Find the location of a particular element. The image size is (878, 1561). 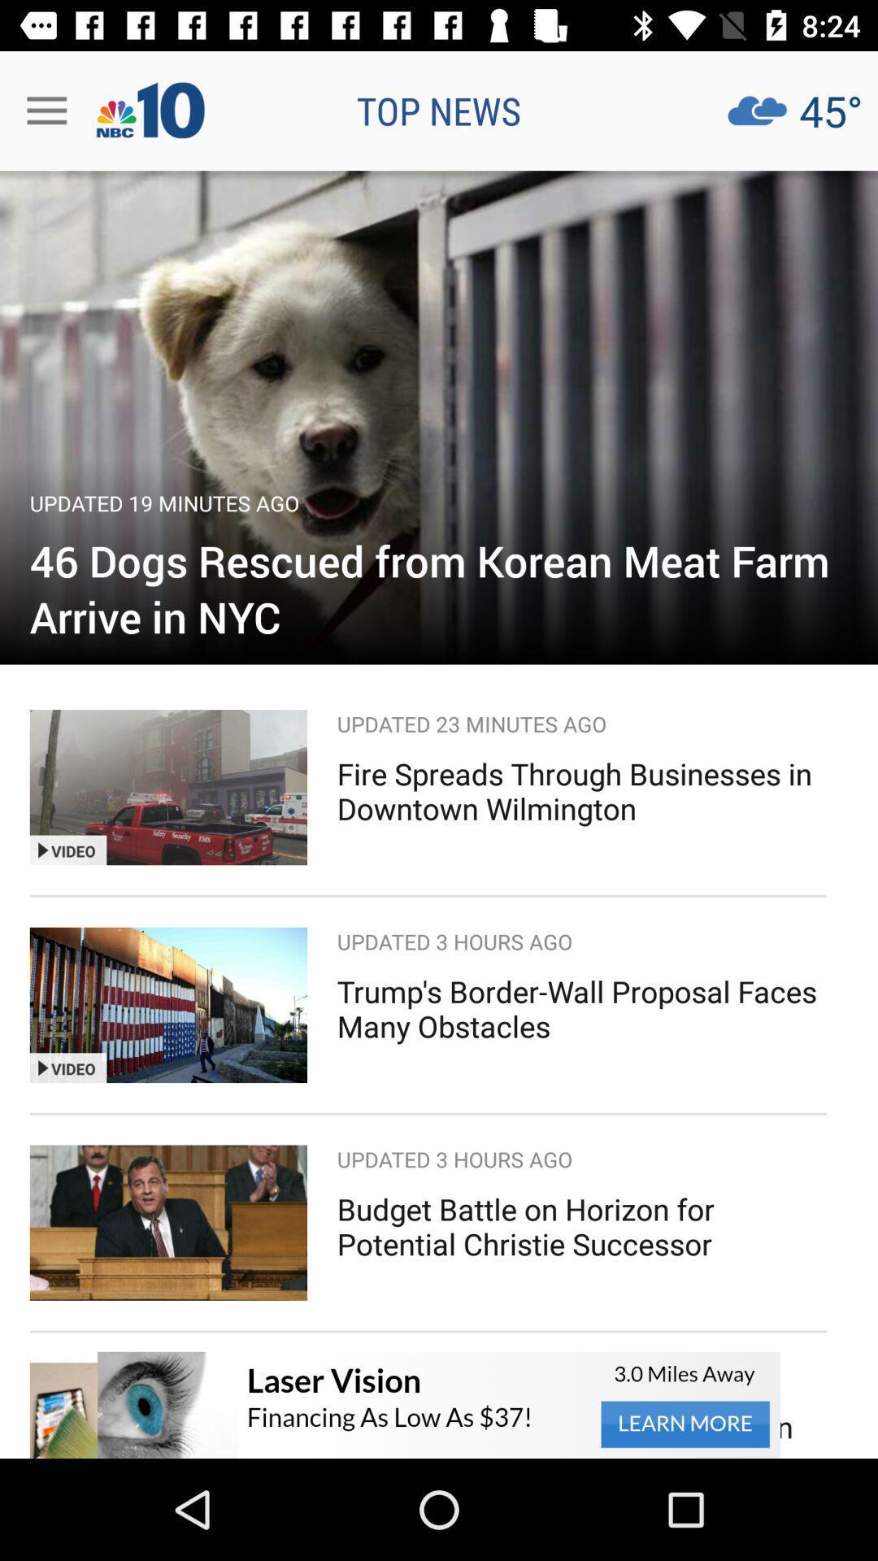

the third video in the list from top left is located at coordinates (168, 1223).